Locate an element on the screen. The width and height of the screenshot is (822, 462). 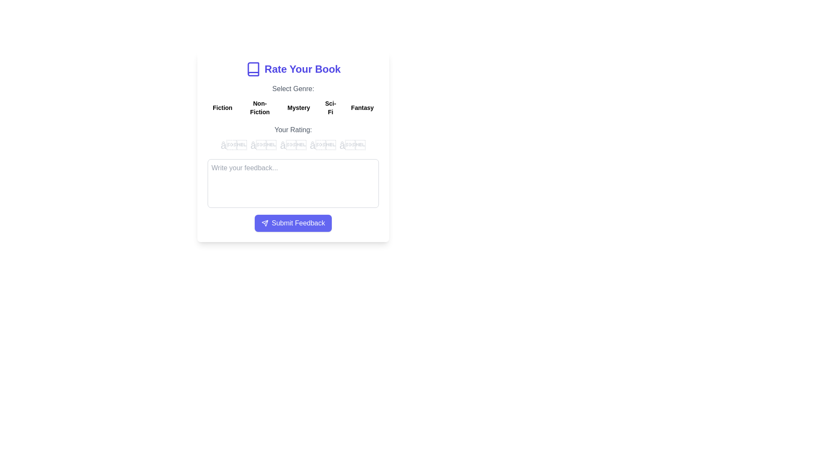
the star in the interactive star-based rating selector is located at coordinates (293, 138).